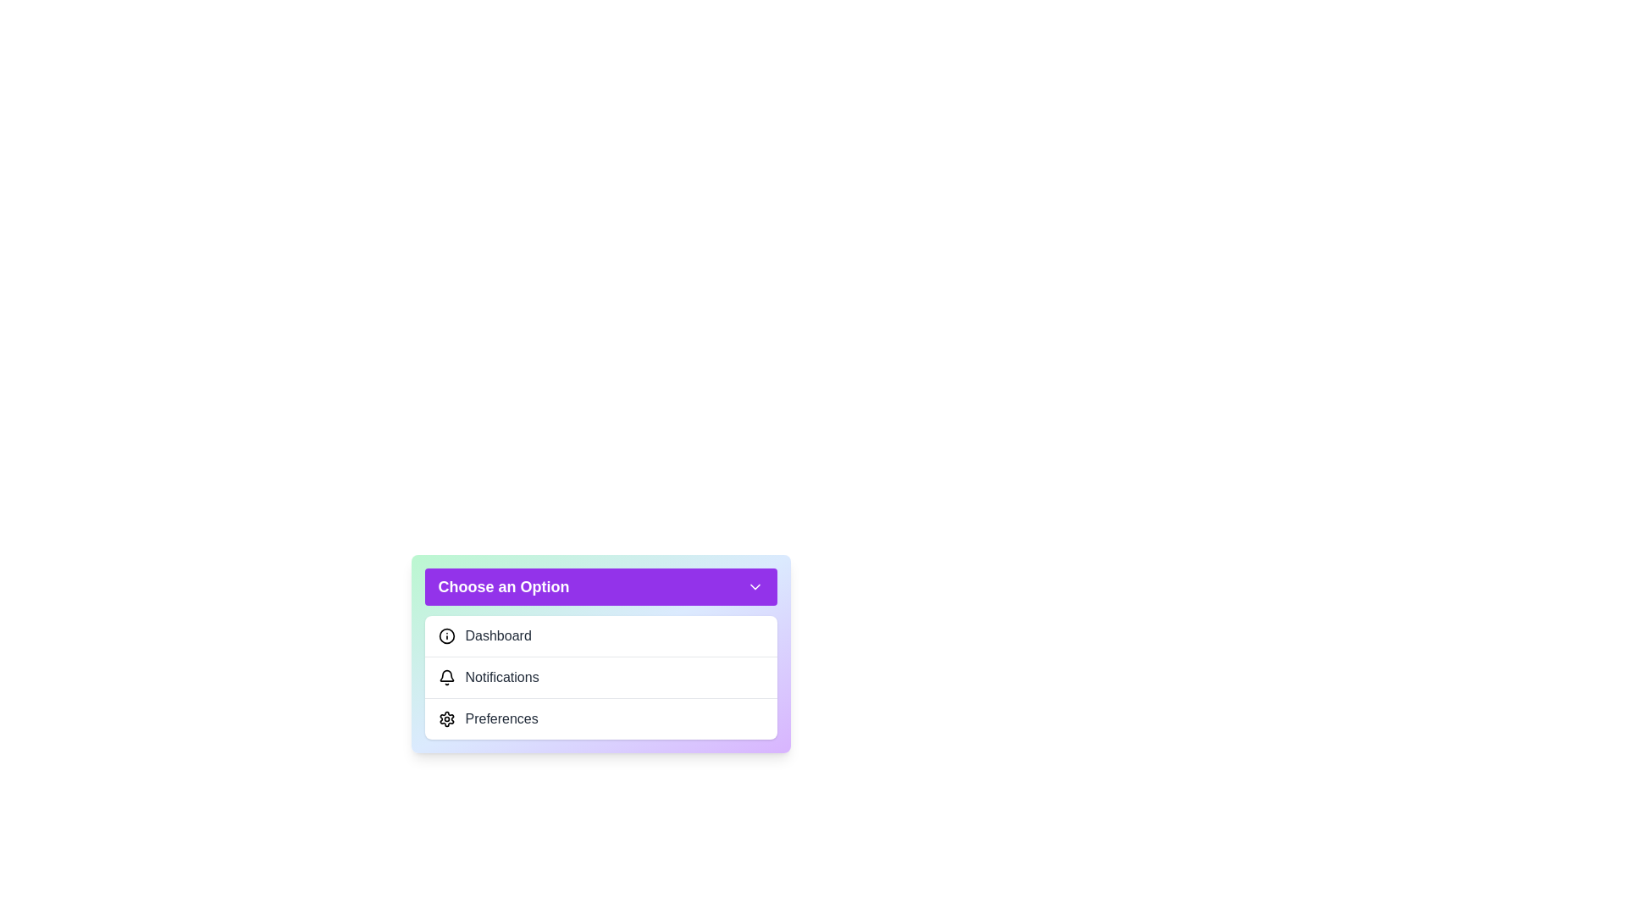 The image size is (1626, 915). What do you see at coordinates (600, 676) in the screenshot?
I see `the option Notifications from the dropdown menu` at bounding box center [600, 676].